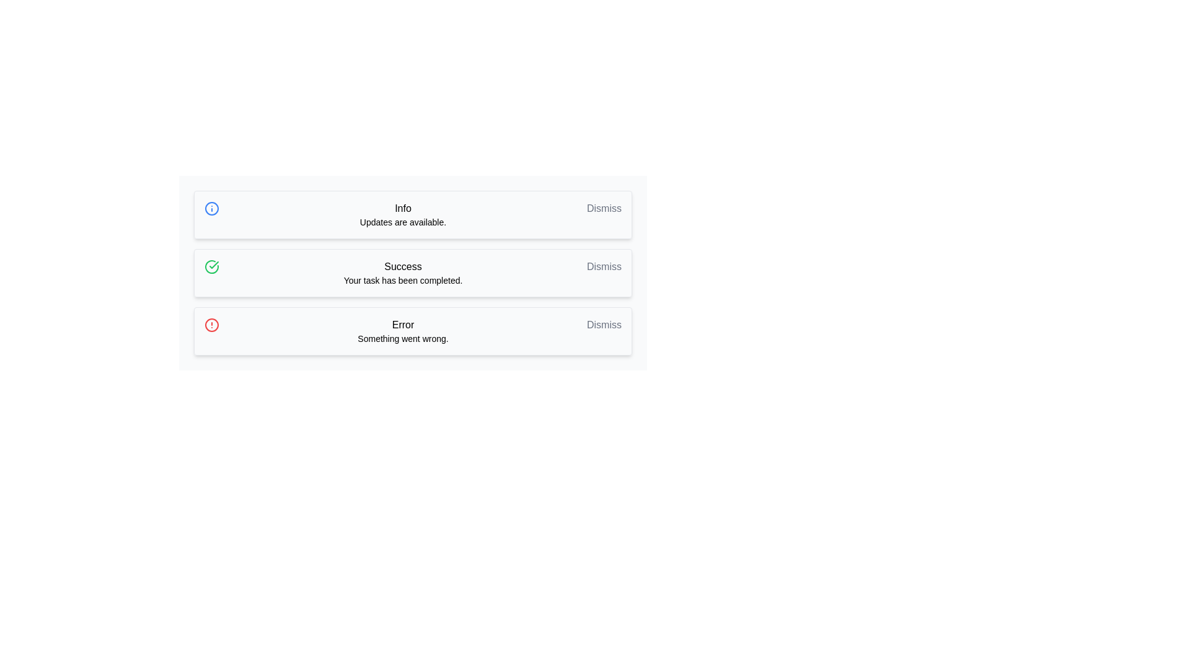  What do you see at coordinates (403, 208) in the screenshot?
I see `the bold 'Info' text label at the top of the information card to potentially reveal more information` at bounding box center [403, 208].